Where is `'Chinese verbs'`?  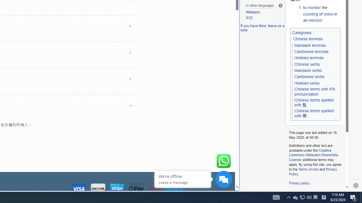 'Chinese verbs' is located at coordinates (307, 64).